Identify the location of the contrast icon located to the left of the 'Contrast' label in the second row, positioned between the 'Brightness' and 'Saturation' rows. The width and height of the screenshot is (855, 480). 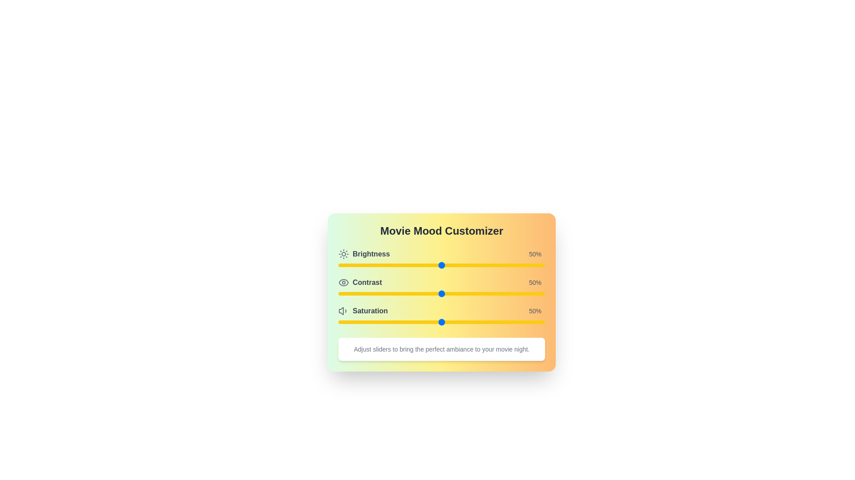
(343, 283).